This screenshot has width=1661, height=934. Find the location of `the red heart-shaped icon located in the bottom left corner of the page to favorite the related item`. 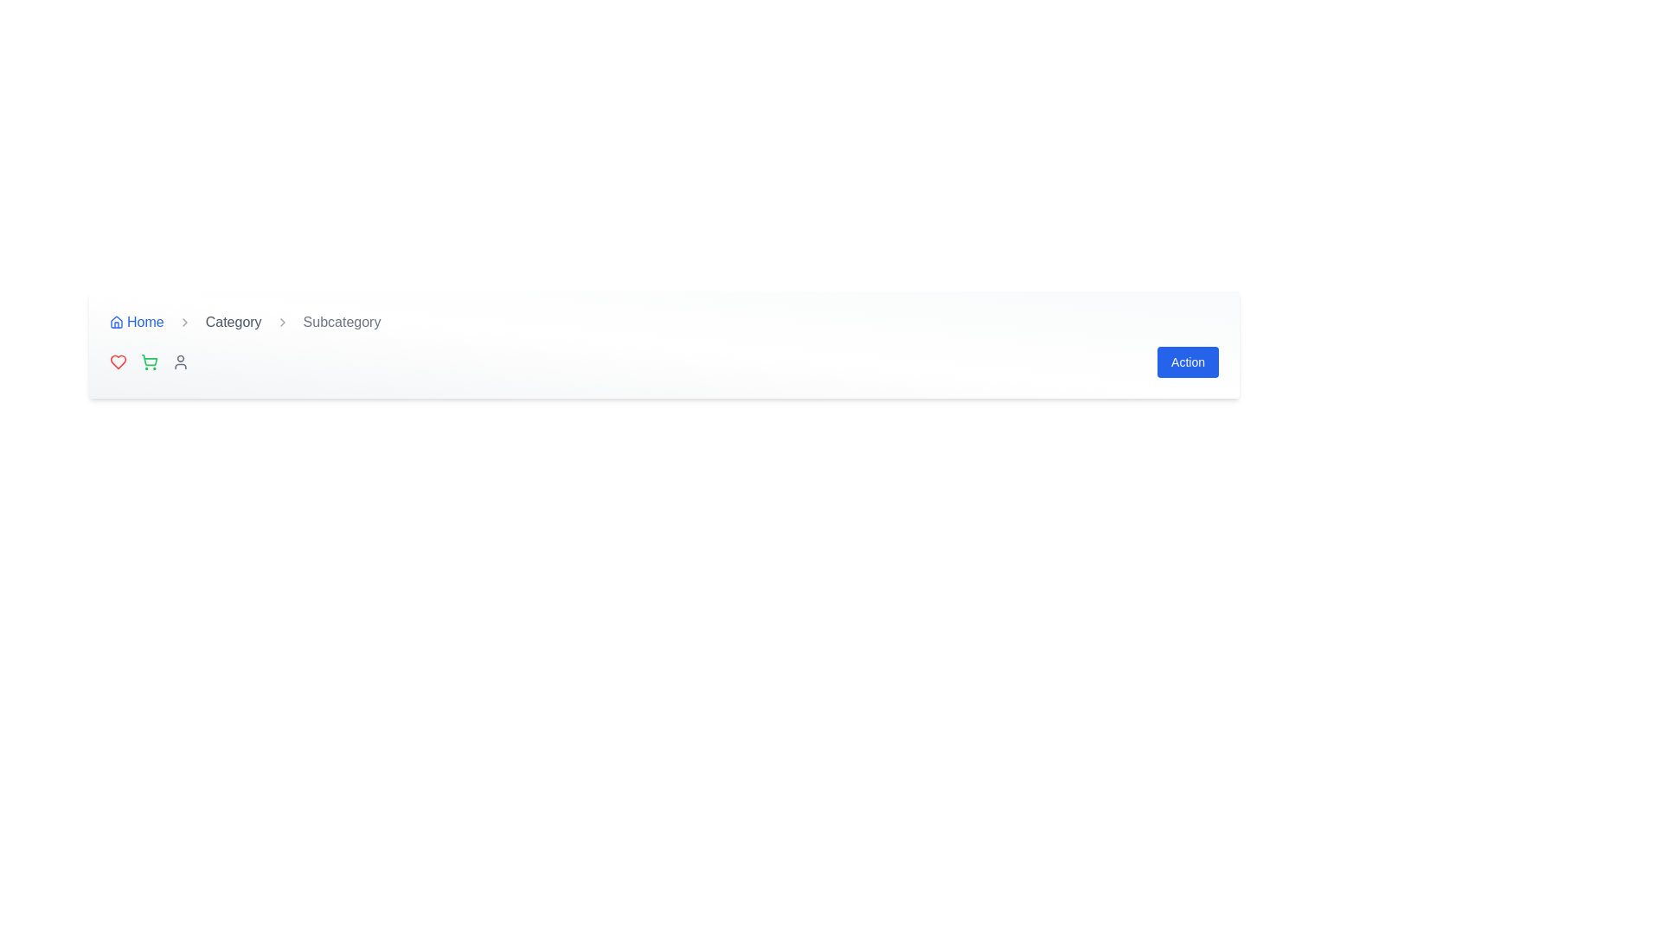

the red heart-shaped icon located in the bottom left corner of the page to favorite the related item is located at coordinates (118, 361).